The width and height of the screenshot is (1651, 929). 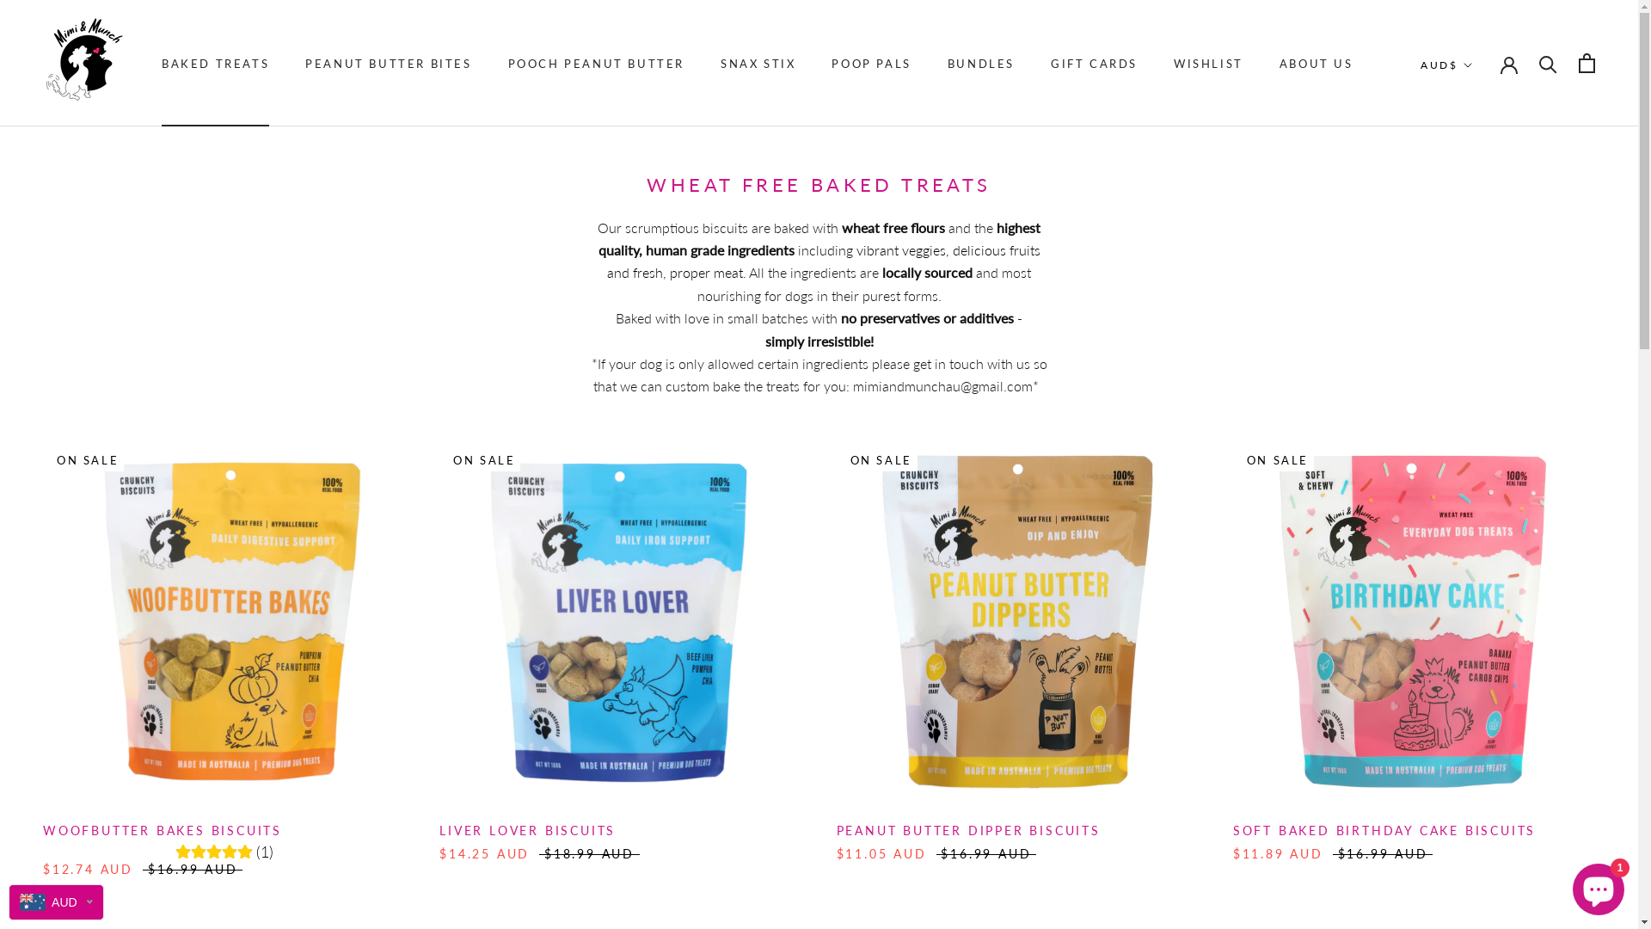 What do you see at coordinates (1316, 62) in the screenshot?
I see `'ABOUT US'` at bounding box center [1316, 62].